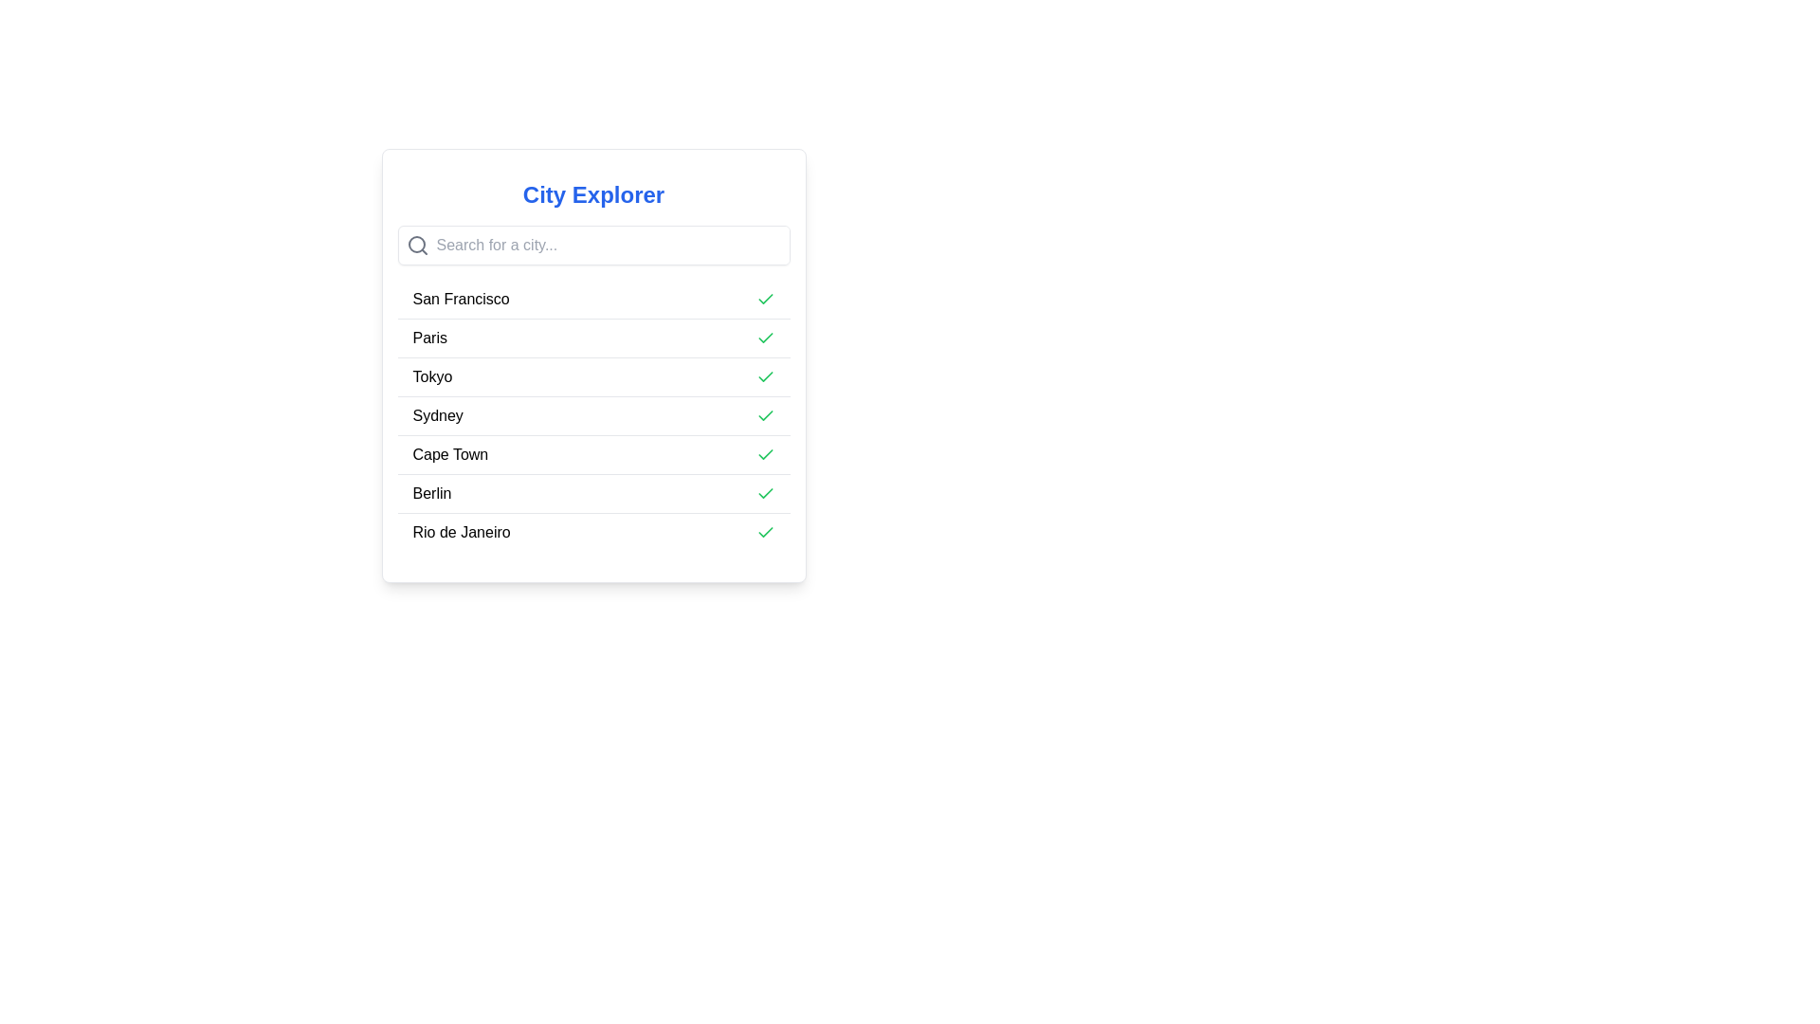  Describe the element at coordinates (437, 415) in the screenshot. I see `the text label displaying 'Sydney'` at that location.